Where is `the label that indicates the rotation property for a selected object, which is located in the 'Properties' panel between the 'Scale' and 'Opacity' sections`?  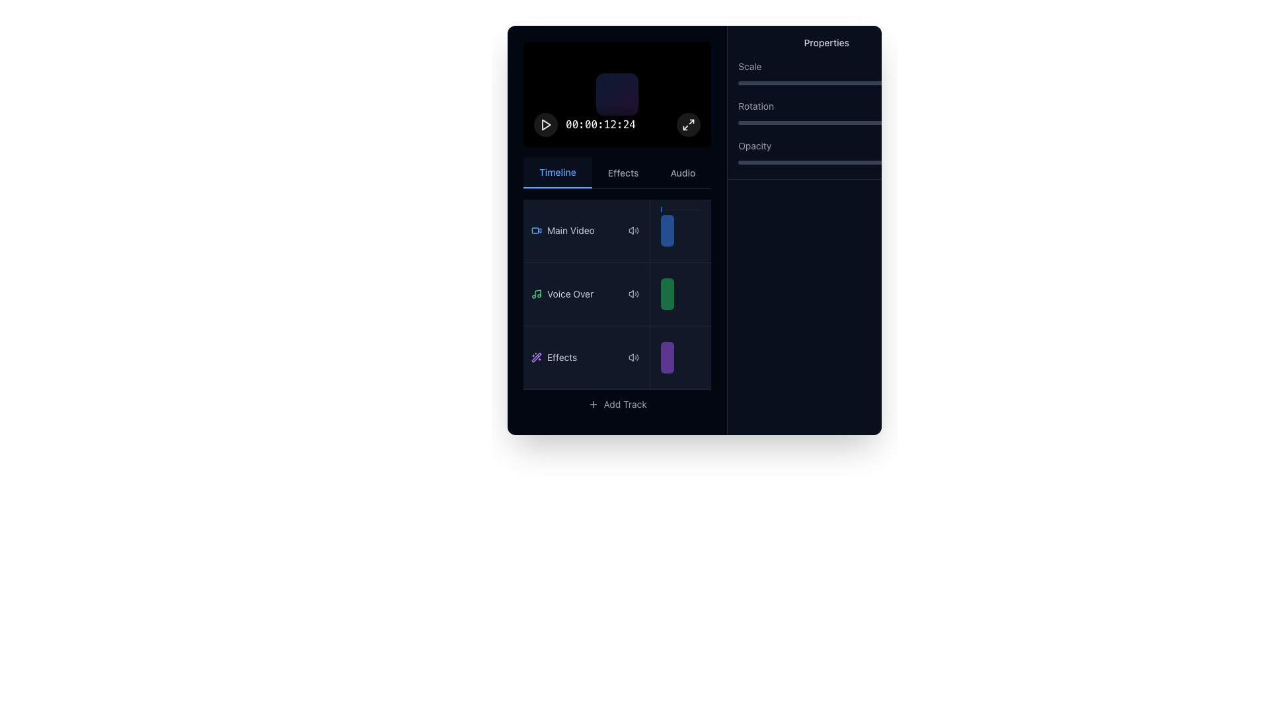
the label that indicates the rotation property for a selected object, which is located in the 'Properties' panel between the 'Scale' and 'Opacity' sections is located at coordinates (756, 106).